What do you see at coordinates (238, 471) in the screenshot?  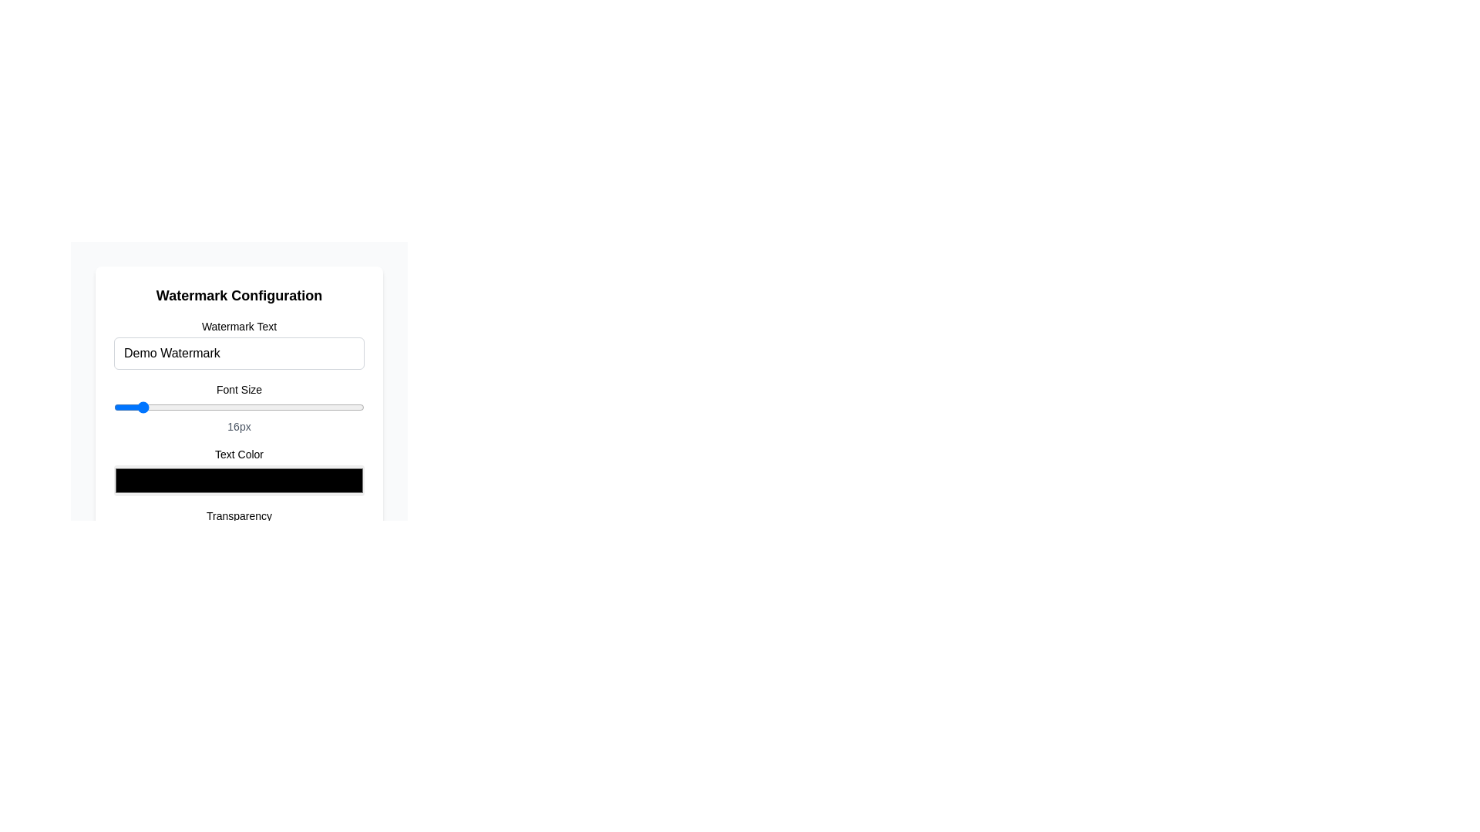 I see `the black rectangular area of the Color Picker Input labeled 'Text Color'` at bounding box center [238, 471].